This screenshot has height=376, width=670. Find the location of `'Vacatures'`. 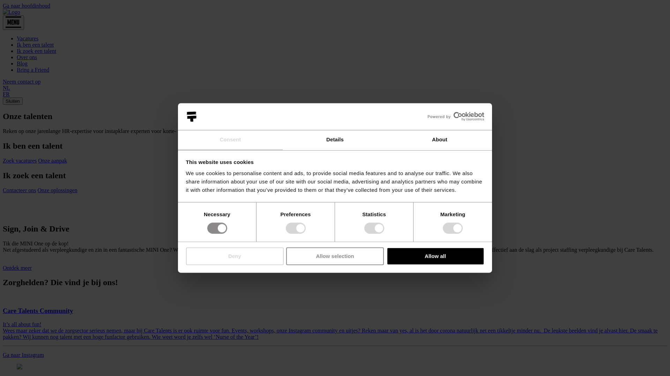

'Vacatures' is located at coordinates (17, 38).